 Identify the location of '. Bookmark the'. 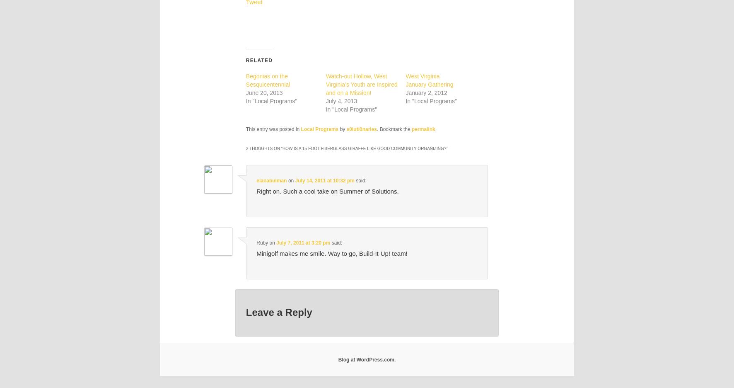
(394, 129).